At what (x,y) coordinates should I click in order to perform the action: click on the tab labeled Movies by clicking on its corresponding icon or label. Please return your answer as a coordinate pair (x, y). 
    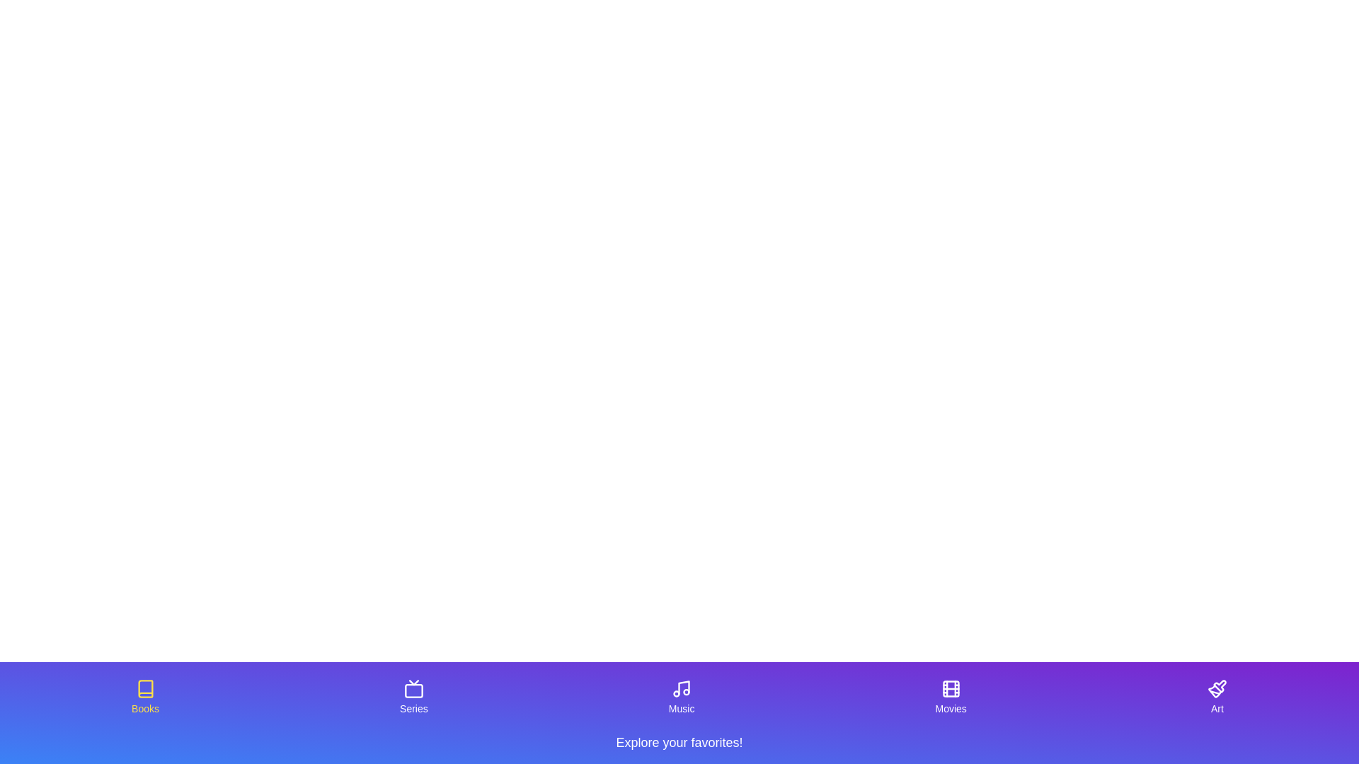
    Looking at the image, I should click on (951, 697).